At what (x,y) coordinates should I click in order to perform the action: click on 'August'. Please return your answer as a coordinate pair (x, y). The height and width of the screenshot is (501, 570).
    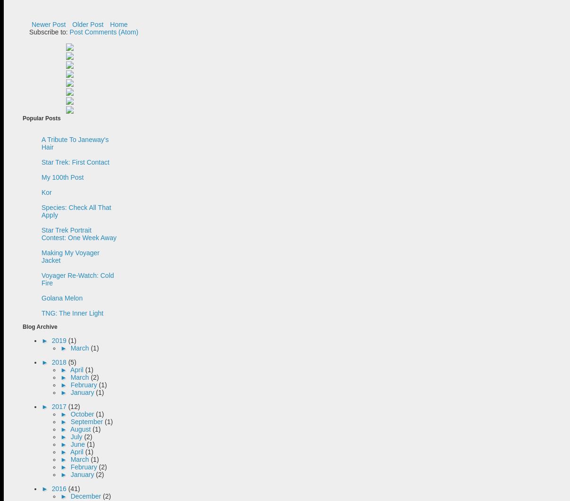
    Looking at the image, I should click on (81, 429).